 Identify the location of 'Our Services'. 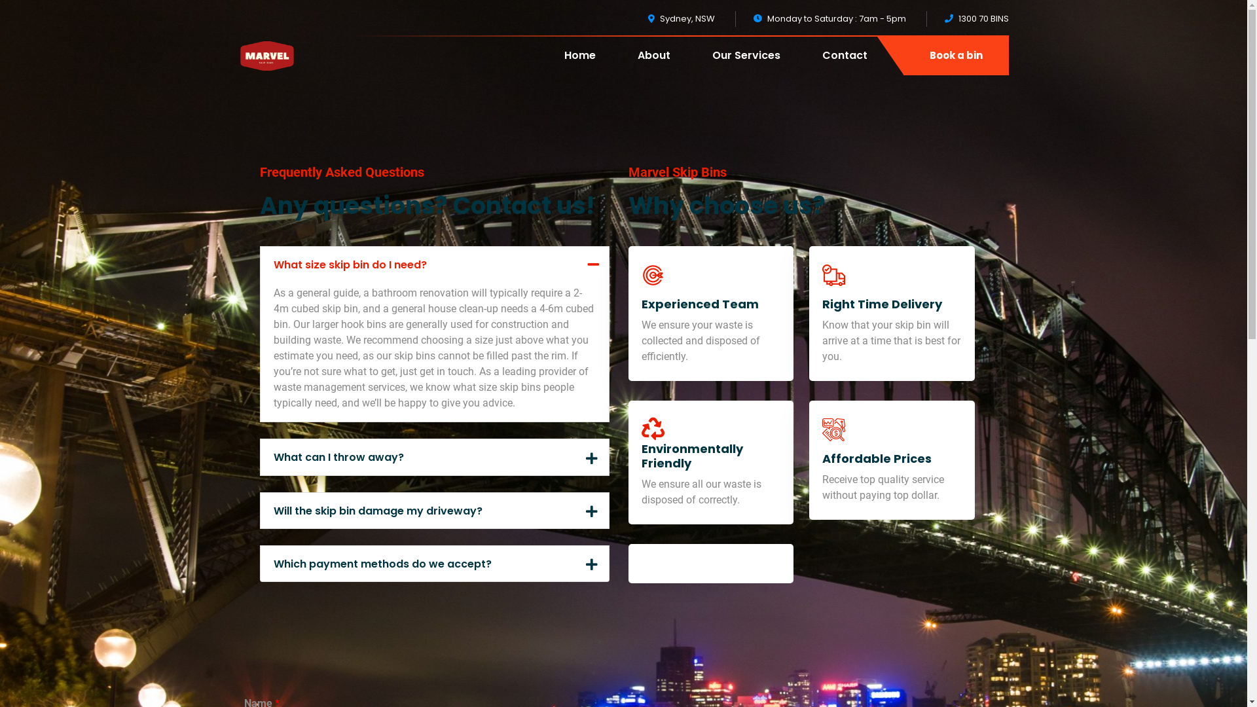
(746, 65).